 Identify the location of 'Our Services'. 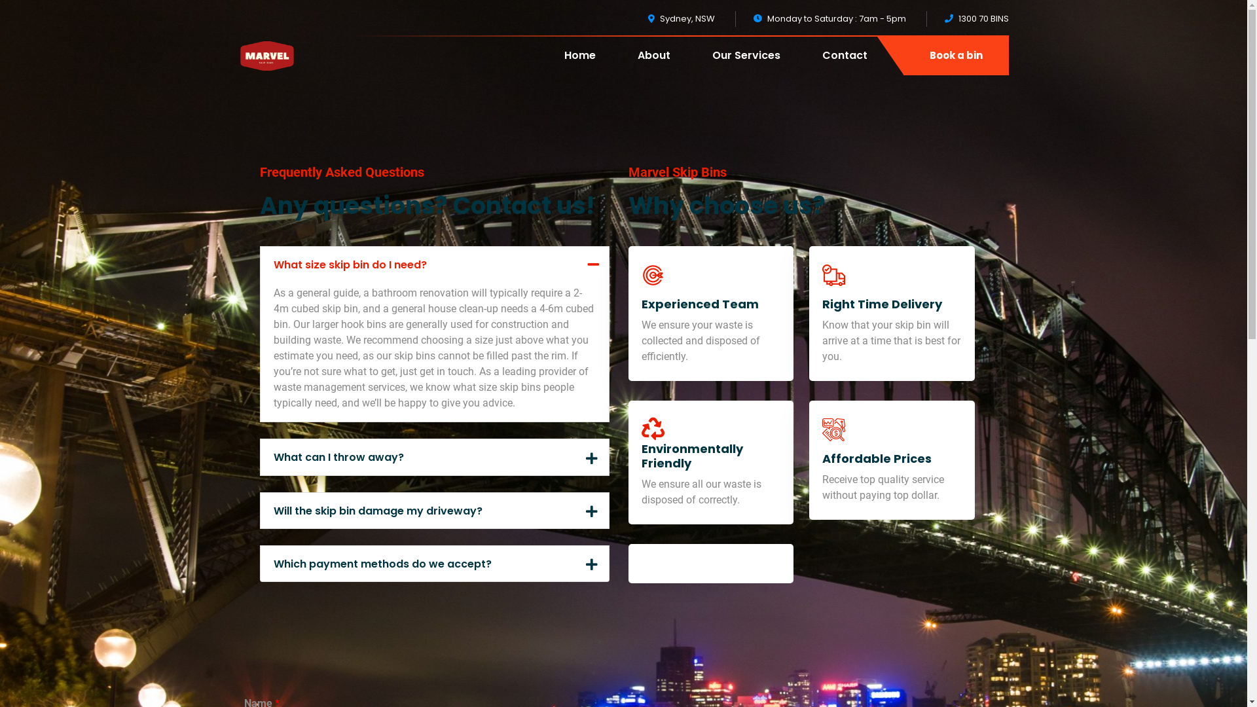
(746, 65).